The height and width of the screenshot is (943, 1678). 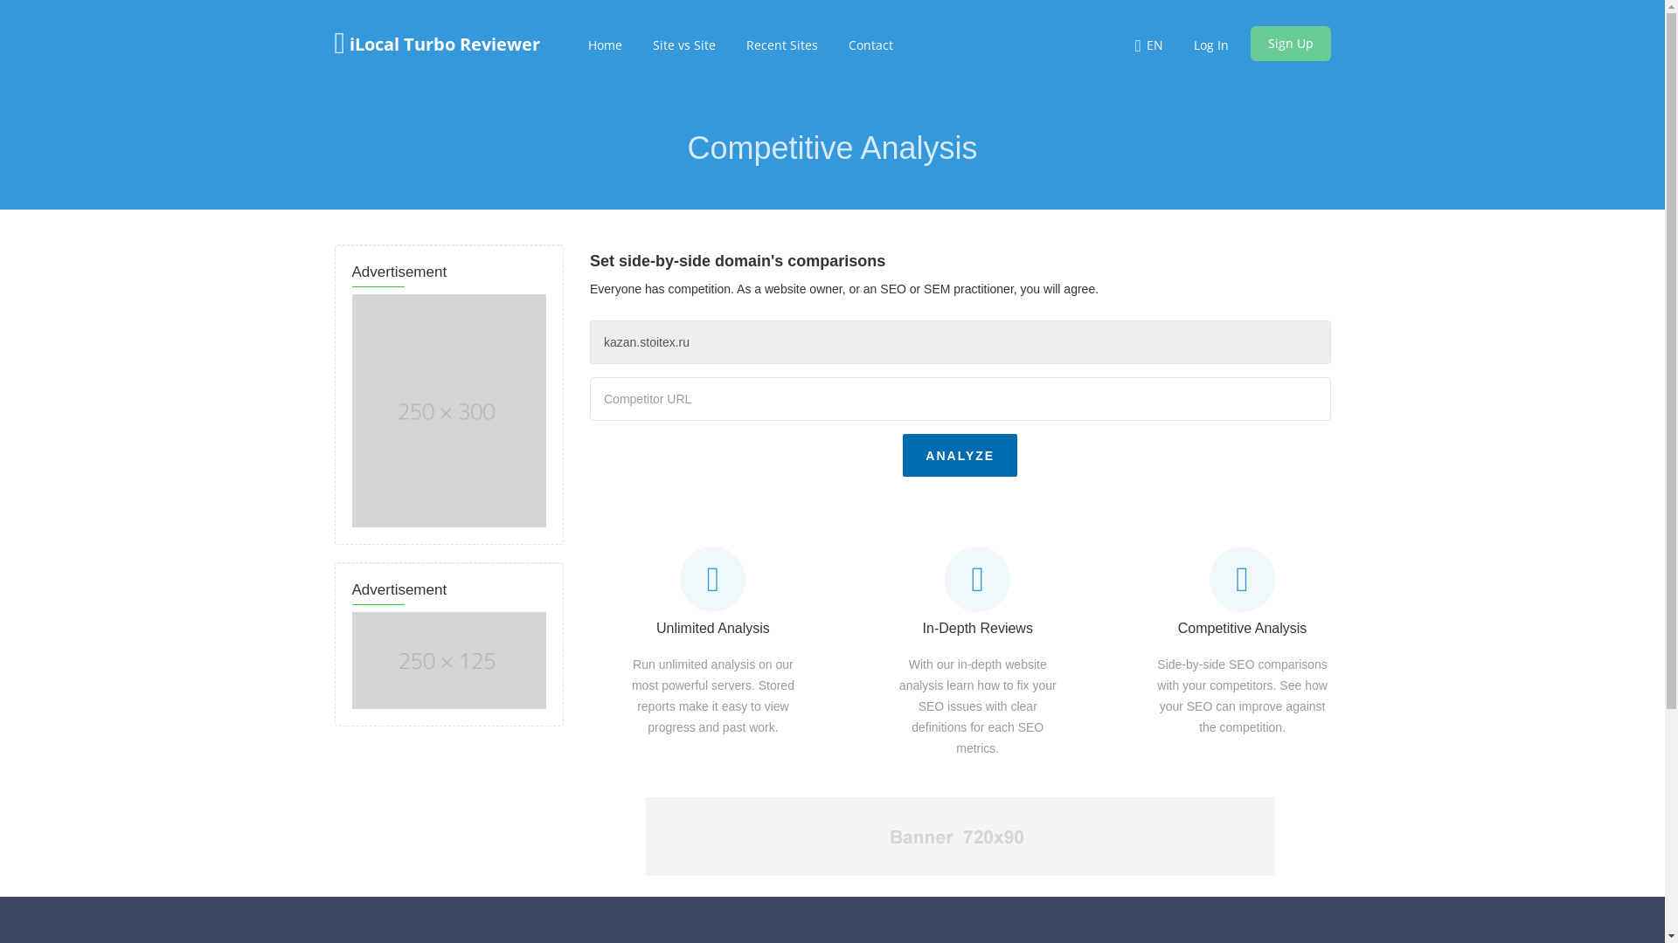 I want to click on 'Sign Up', so click(x=1249, y=43).